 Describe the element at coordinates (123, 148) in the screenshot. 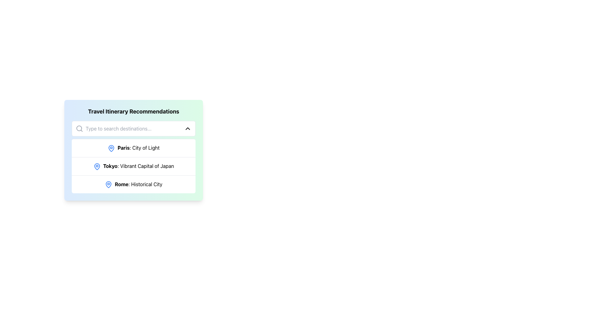

I see `text from the Label that identifies the location 'Paris' within the Travel Itinerary Recommendations list` at that location.